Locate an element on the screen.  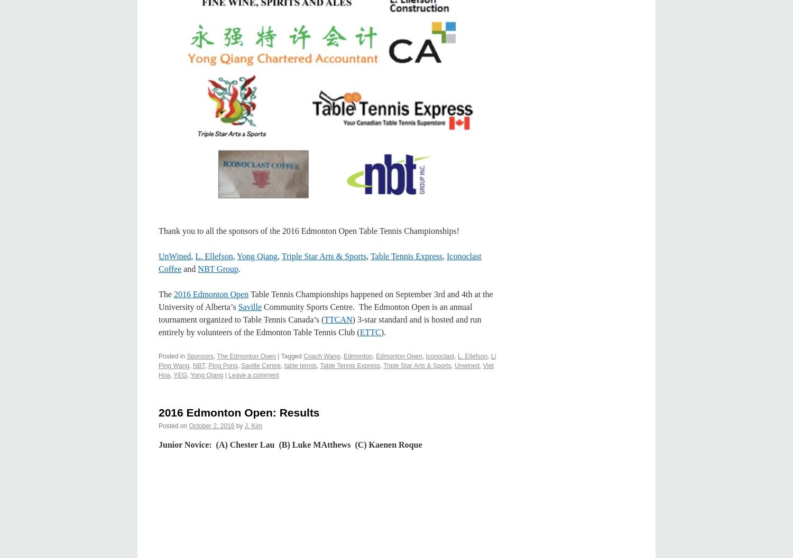
'Posted on' is located at coordinates (172, 426).